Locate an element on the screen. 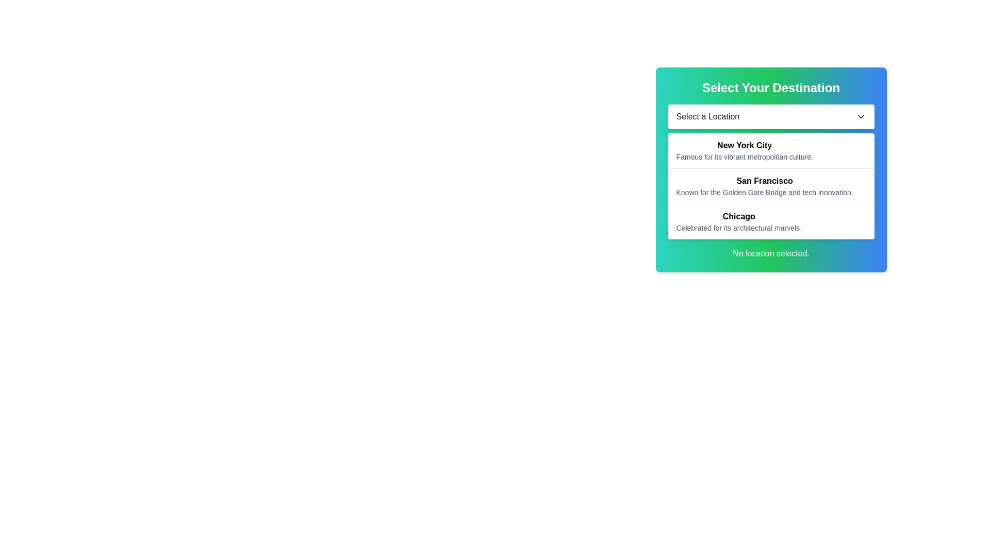  the 'San Francisco' location choice in the list for keyboard navigation is located at coordinates (771, 186).